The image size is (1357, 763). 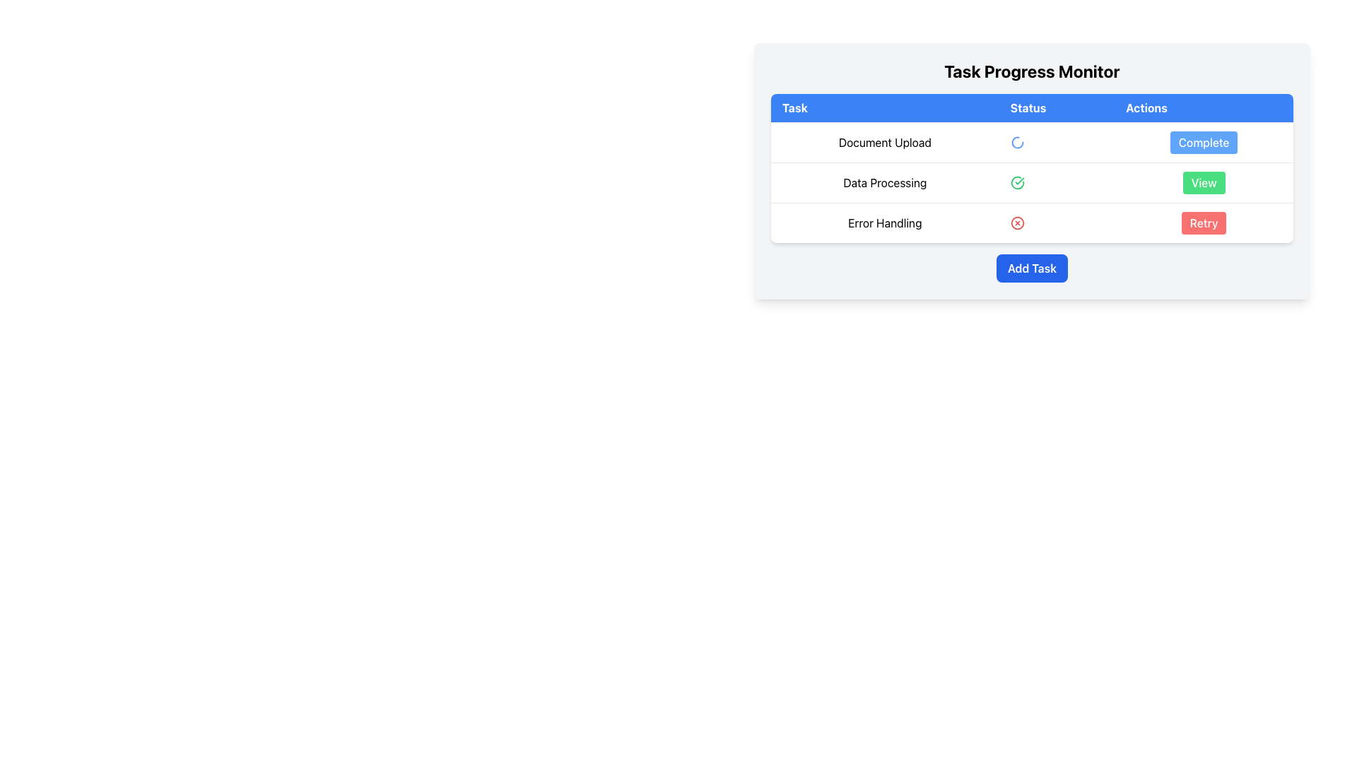 What do you see at coordinates (1016, 142) in the screenshot?
I see `the loading indicator for the 'Document Upload' task in the 'Status' column of the 'Task Progress Monitor' table` at bounding box center [1016, 142].